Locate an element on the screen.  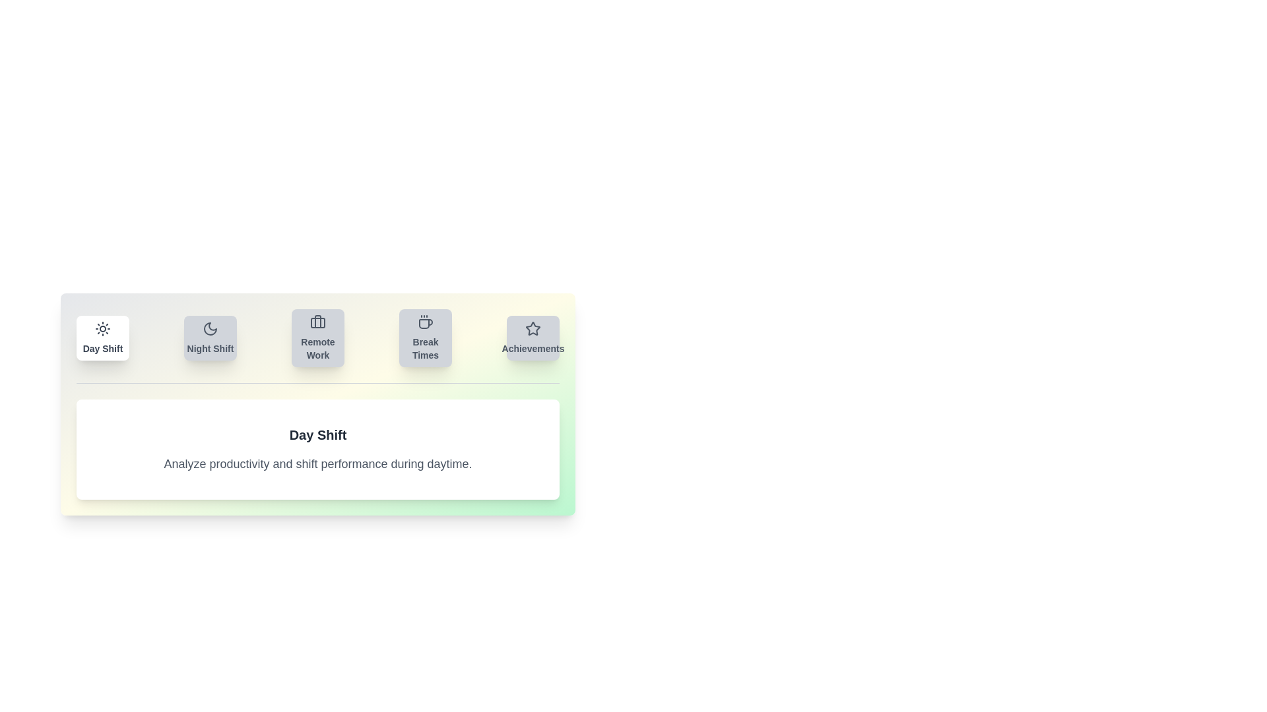
the tab labeled Night Shift to view its content is located at coordinates (209, 338).